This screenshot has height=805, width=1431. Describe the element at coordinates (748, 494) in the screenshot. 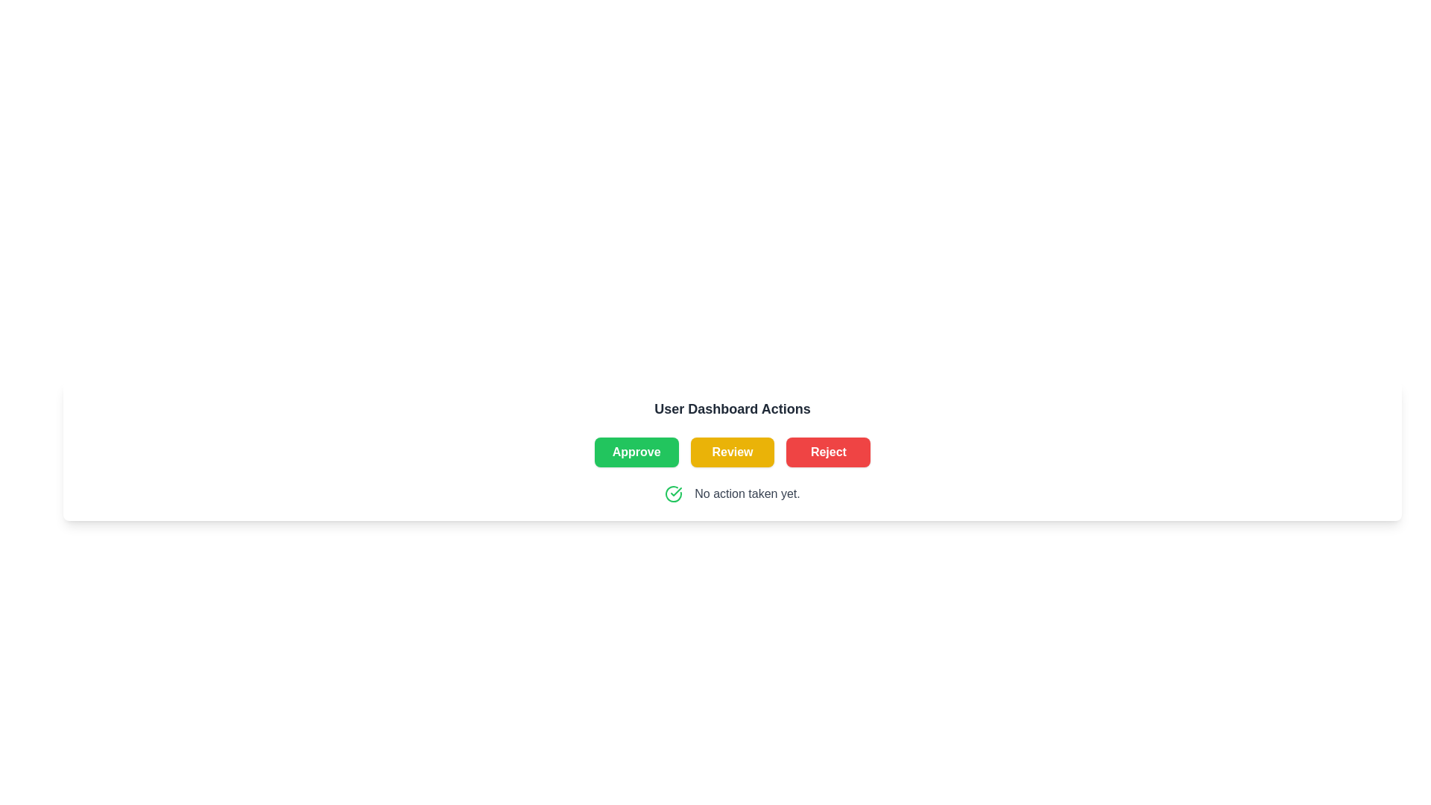

I see `the informative text block that indicates no actions have been performed yet, located to the right of the green circular checkmark icon` at that location.